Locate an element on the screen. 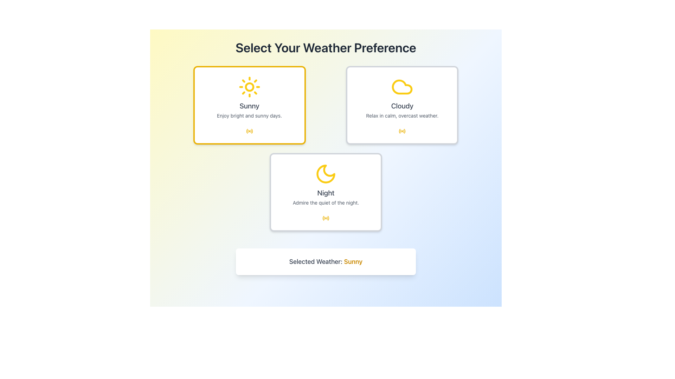  the 'Cloudy' weather icon located in the top-right card of the weather options, which is visually represented as a cloudy weather symbol above the text label 'Cloudy' is located at coordinates (402, 86).